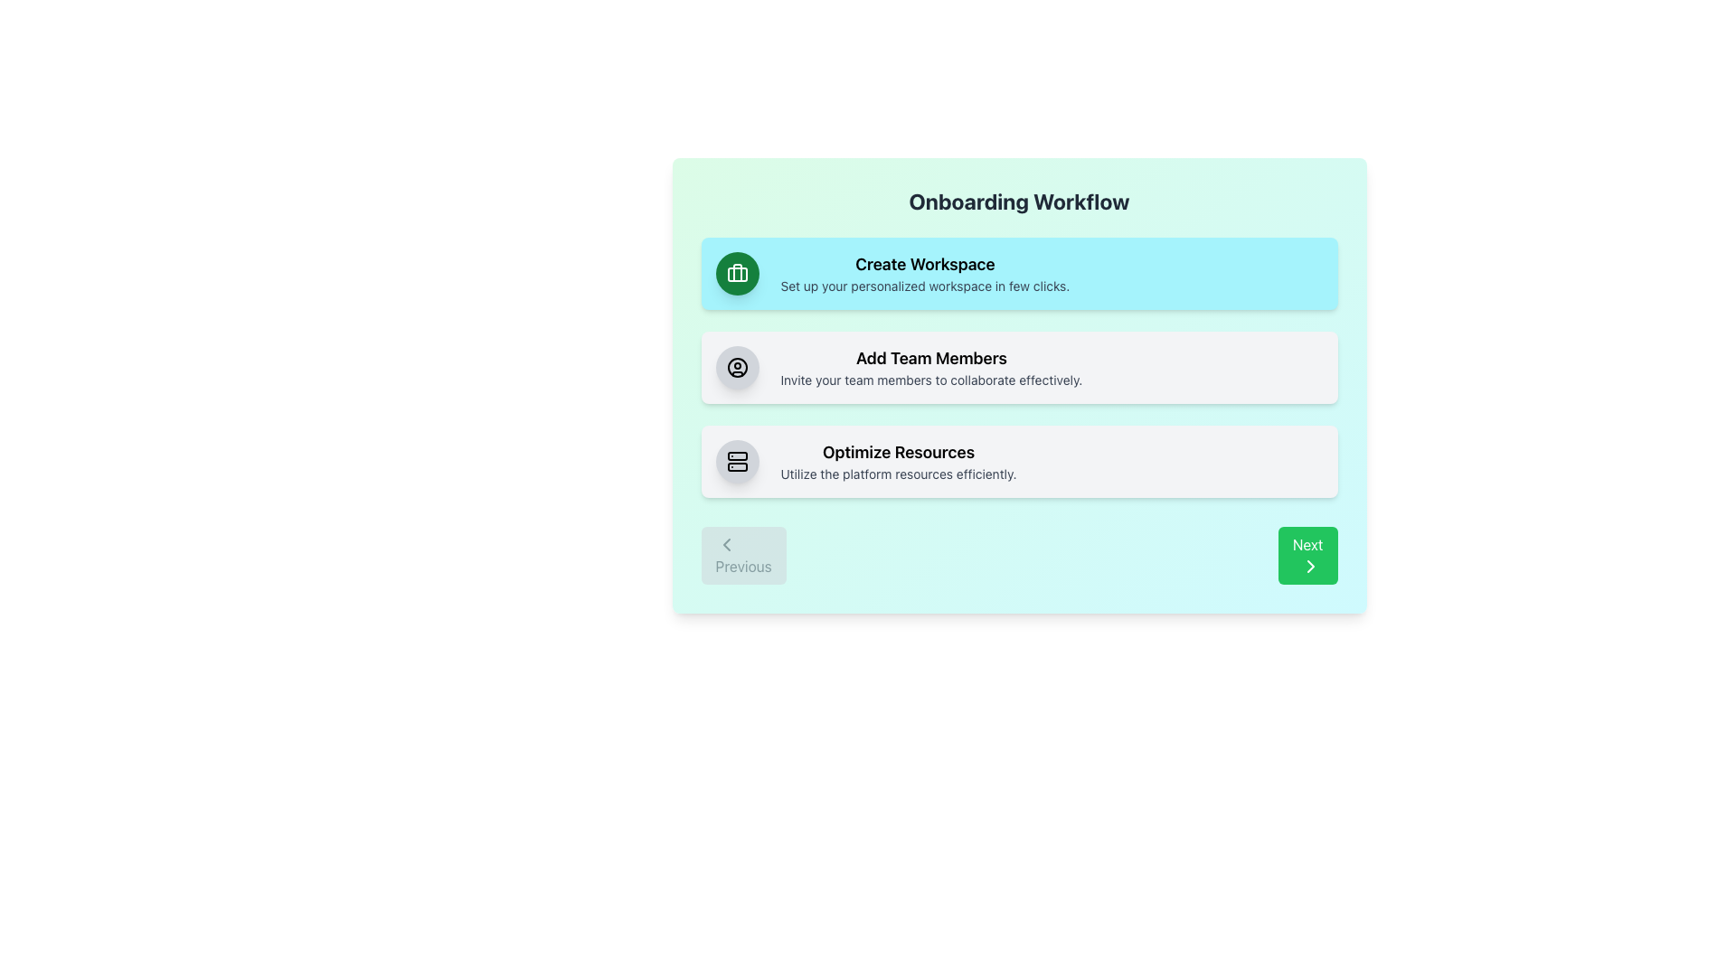  I want to click on the text label displaying 'Add Team Members' which is styled as a bold heading within a lighter background panel, so click(931, 359).